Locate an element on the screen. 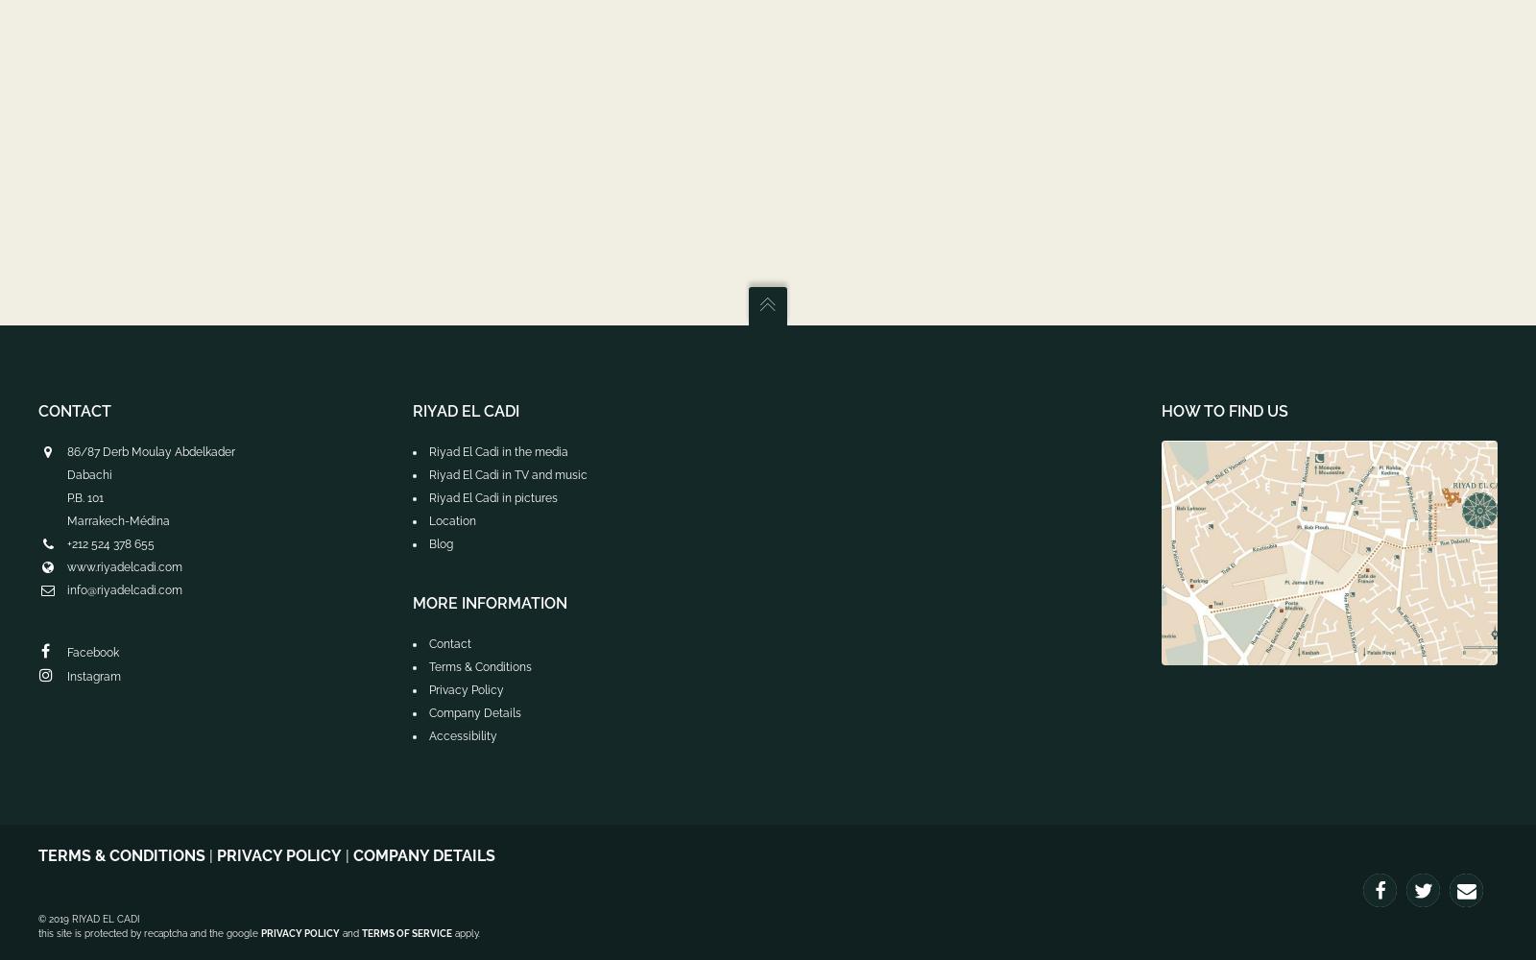 The width and height of the screenshot is (1536, 960). 'Marrakech-Médina' is located at coordinates (117, 521).